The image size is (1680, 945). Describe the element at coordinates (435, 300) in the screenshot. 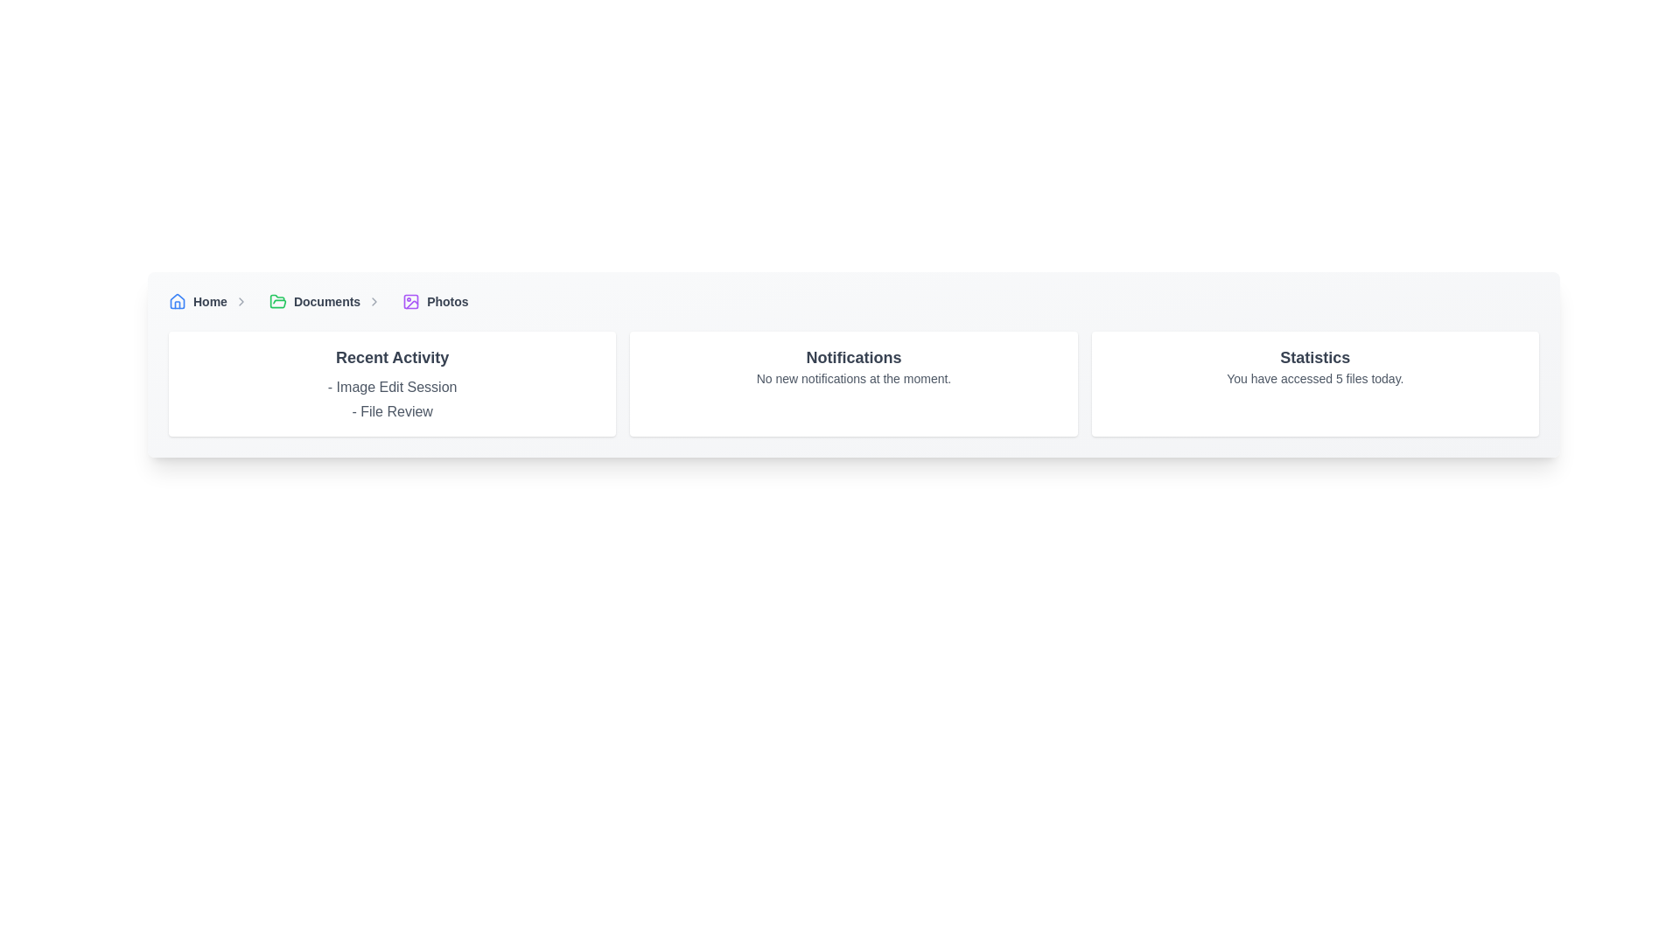

I see `the breadcrumb link labeled 'Photos', which includes a purple image icon followed by the bold text 'Photos'` at that location.